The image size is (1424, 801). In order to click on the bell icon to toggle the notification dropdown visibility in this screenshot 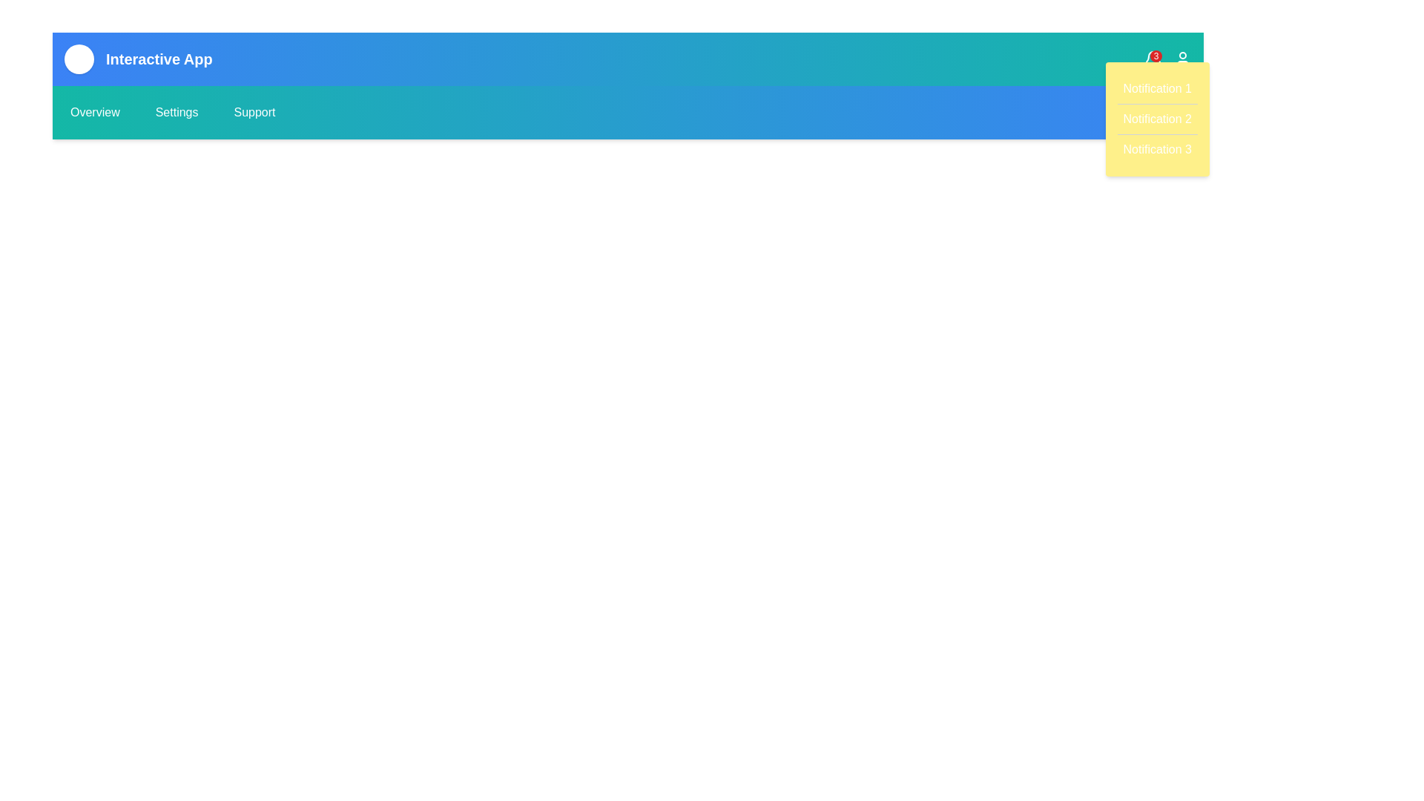, I will do `click(1153, 59)`.